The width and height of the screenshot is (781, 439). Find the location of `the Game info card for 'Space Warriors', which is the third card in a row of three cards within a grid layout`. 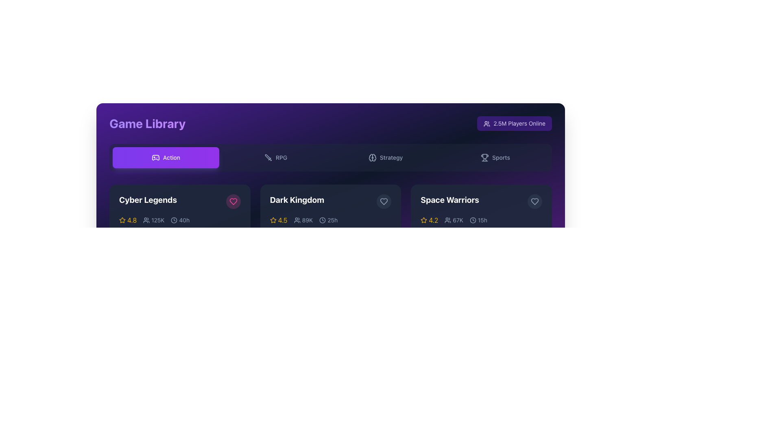

the Game info card for 'Space Warriors', which is the third card in a row of three cards within a grid layout is located at coordinates (481, 222).